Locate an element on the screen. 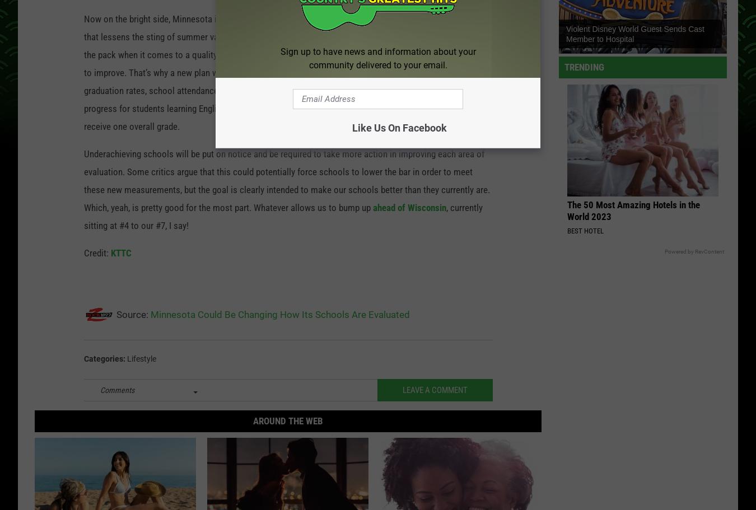 The height and width of the screenshot is (510, 756). 'ahead of Wisconsin' is located at coordinates (409, 209).